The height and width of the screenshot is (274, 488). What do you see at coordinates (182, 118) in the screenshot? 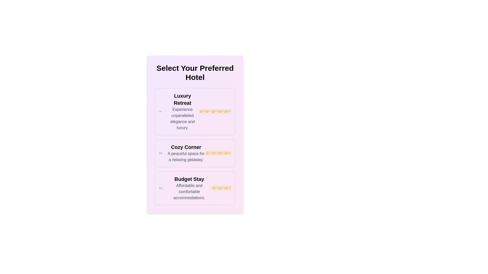
I see `the text element that describes 'Experience unparalleled elegance and luxury.' located in the 'Luxury Retreat' section, positioned directly beneath the section title` at bounding box center [182, 118].